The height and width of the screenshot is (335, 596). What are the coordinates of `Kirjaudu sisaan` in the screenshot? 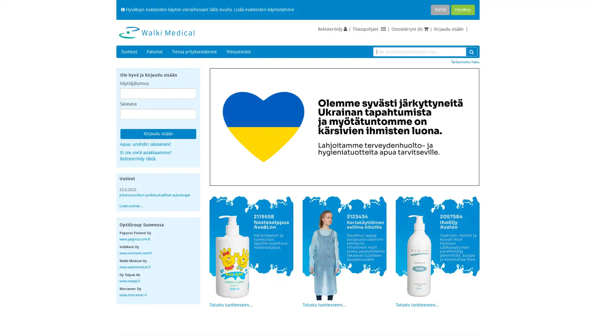 It's located at (158, 134).